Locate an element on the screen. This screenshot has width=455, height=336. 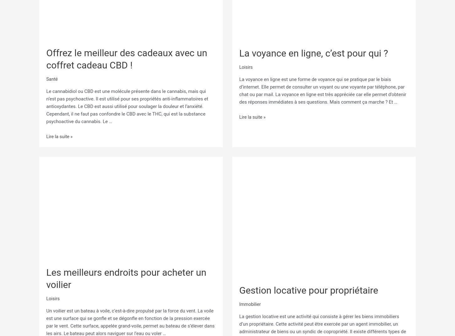
'Offrez le meilleur des cadeaux avec un coffret cadeau CBD !' is located at coordinates (126, 57).